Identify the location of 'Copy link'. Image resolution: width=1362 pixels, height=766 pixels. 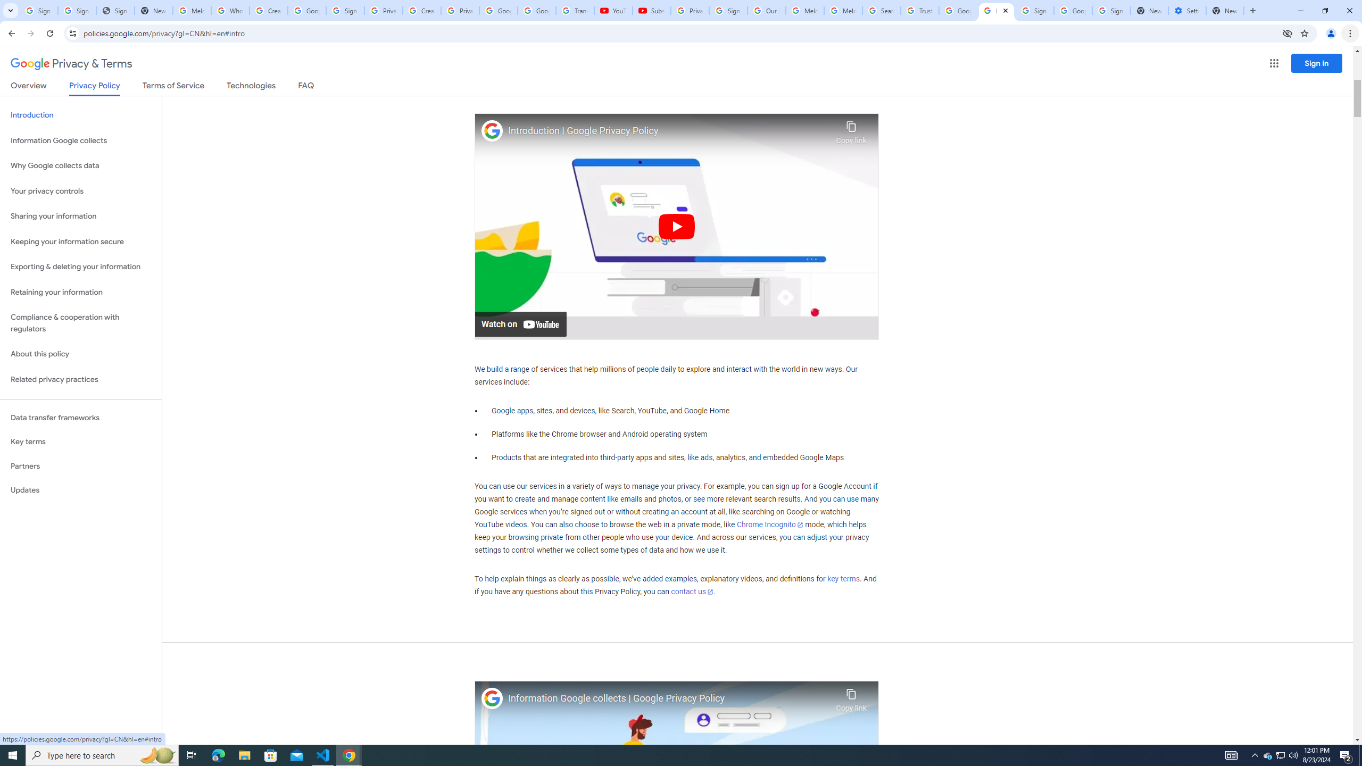
(851, 697).